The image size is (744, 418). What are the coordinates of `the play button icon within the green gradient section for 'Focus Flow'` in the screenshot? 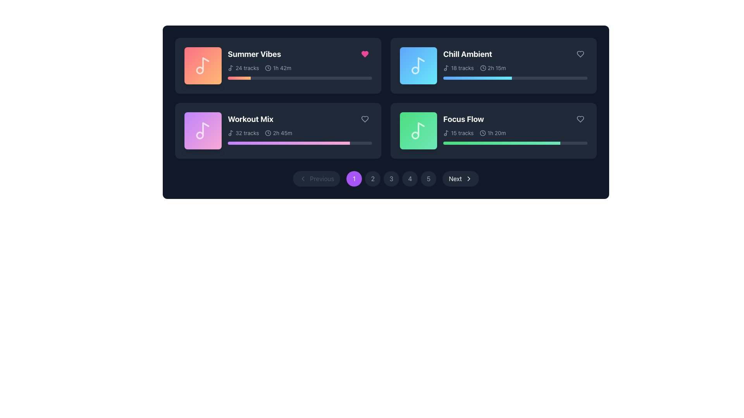 It's located at (418, 130).